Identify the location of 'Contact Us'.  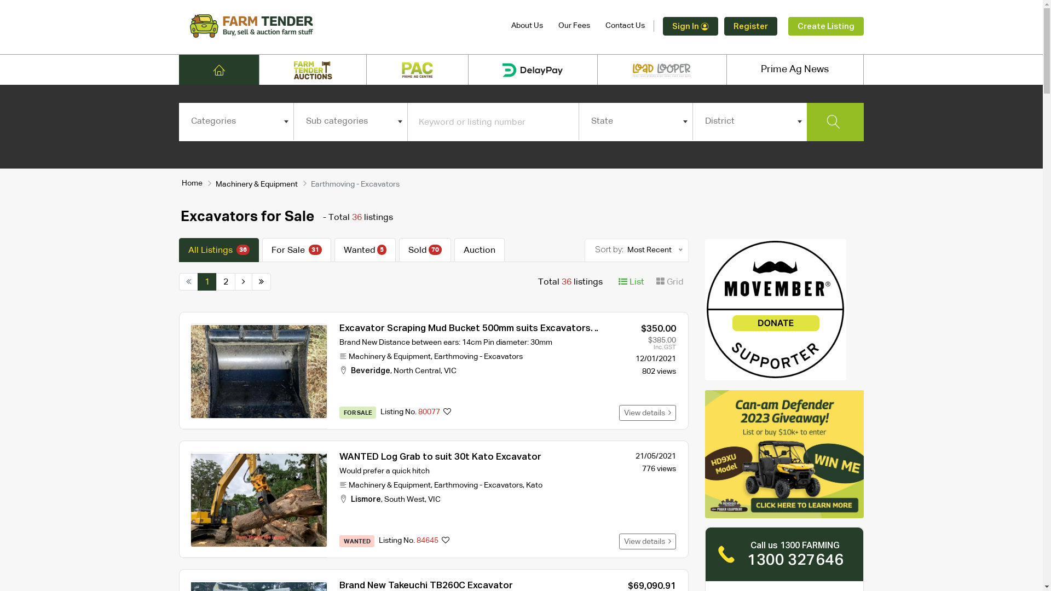
(604, 25).